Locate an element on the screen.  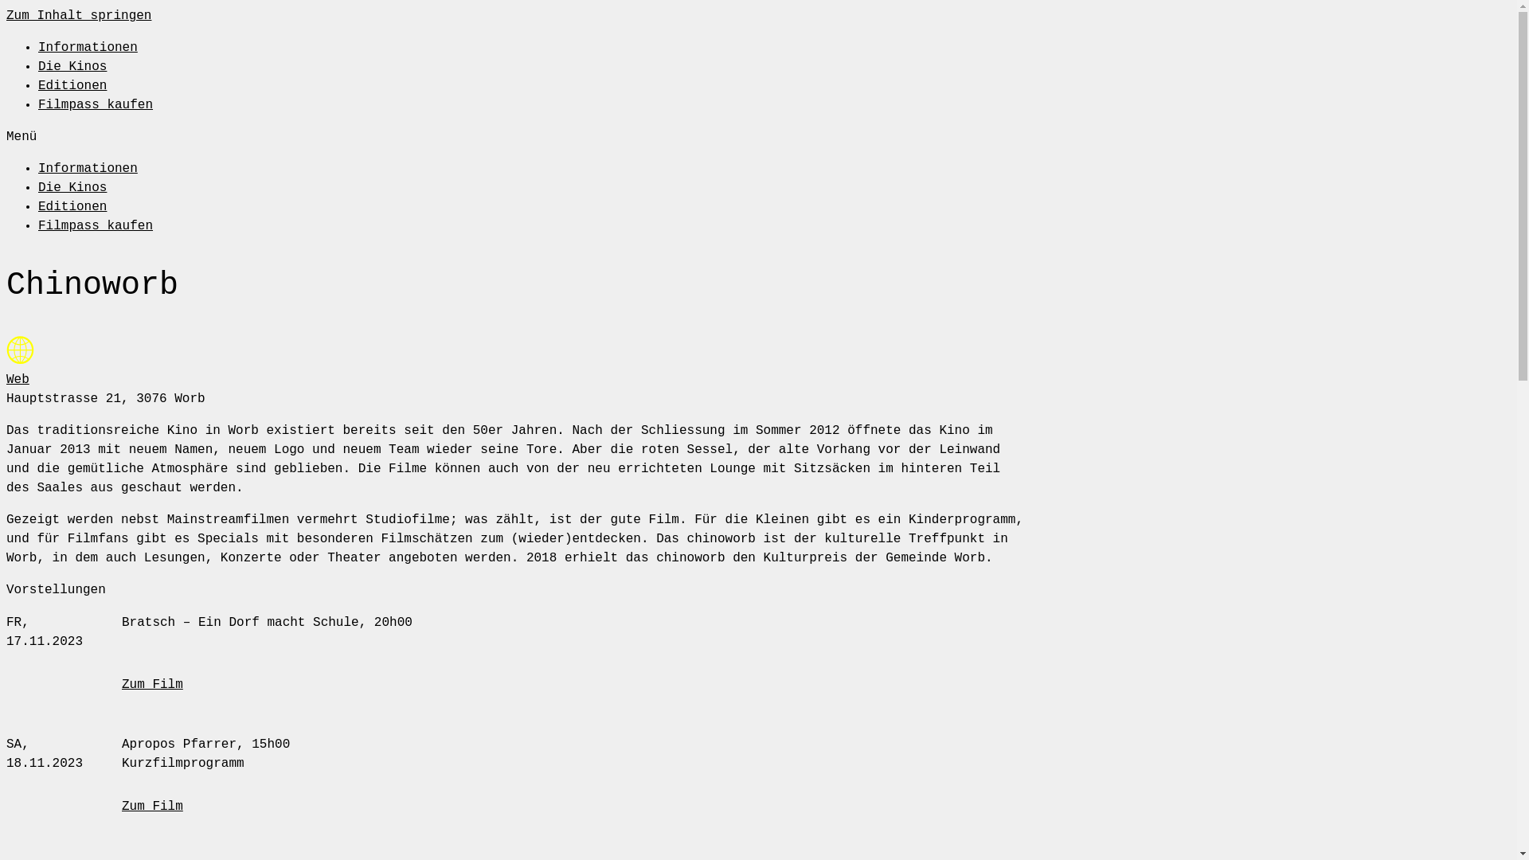
'Editionen' is located at coordinates (72, 205).